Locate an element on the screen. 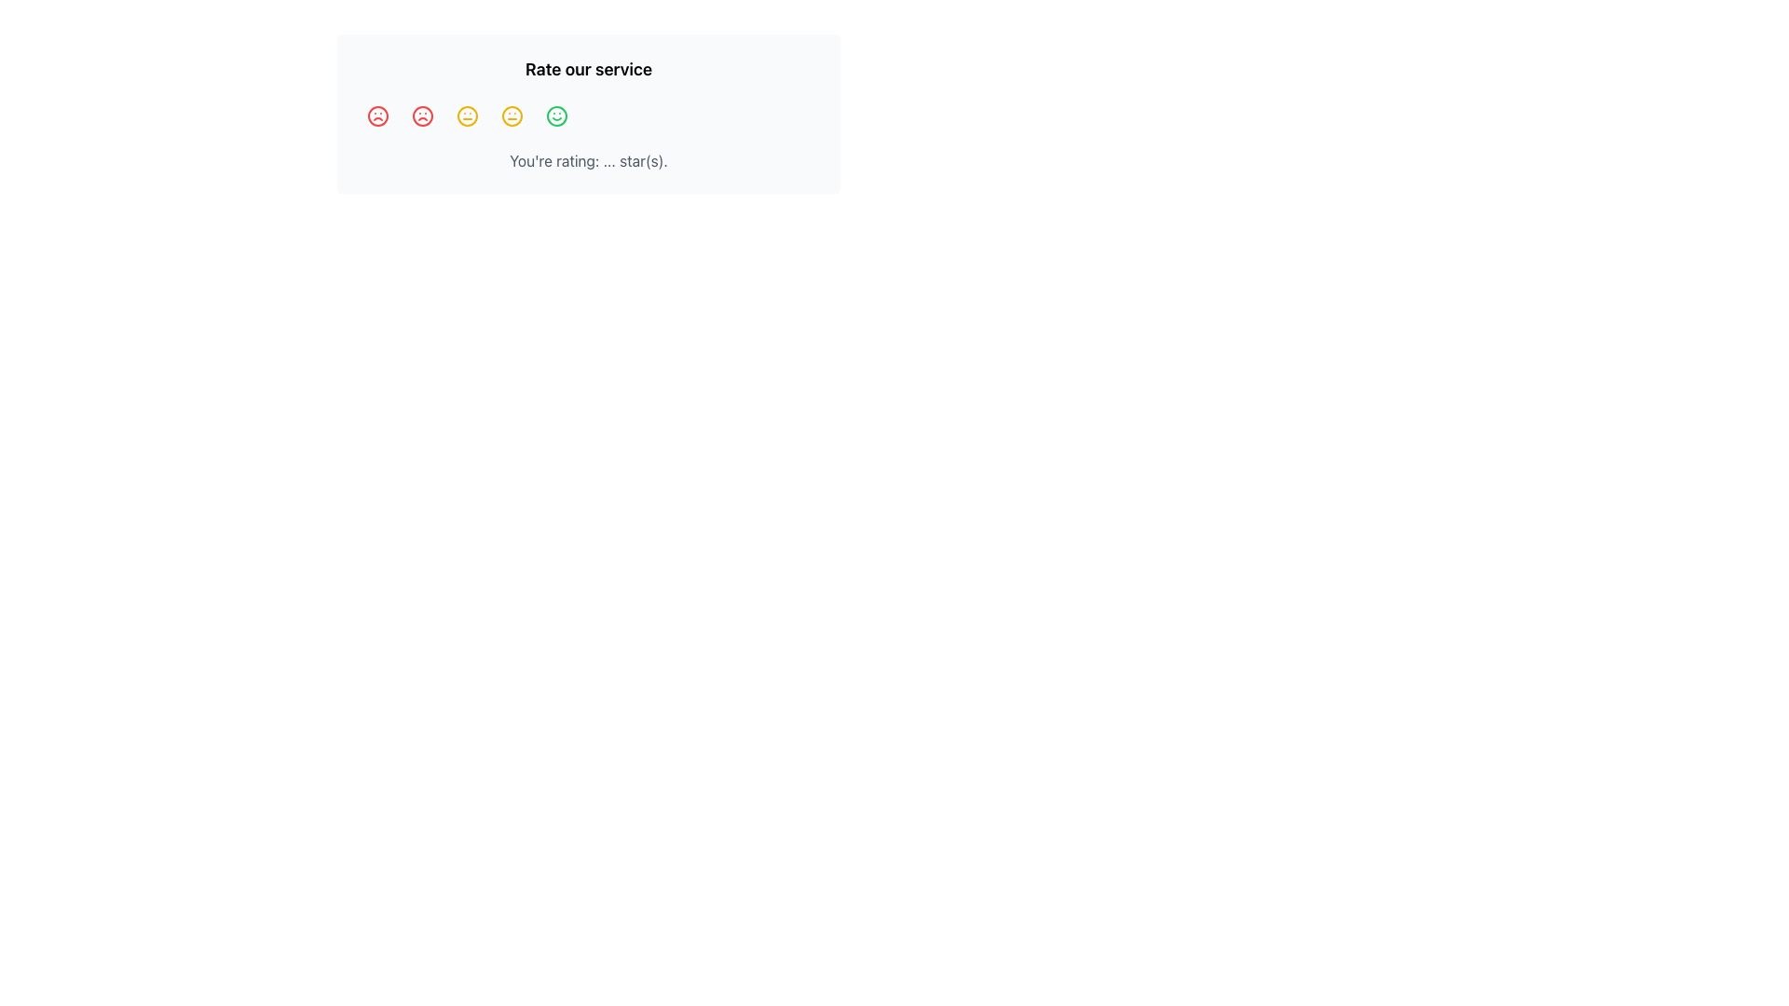 The width and height of the screenshot is (1789, 1006). the third rating icon in the series is located at coordinates (468, 116).